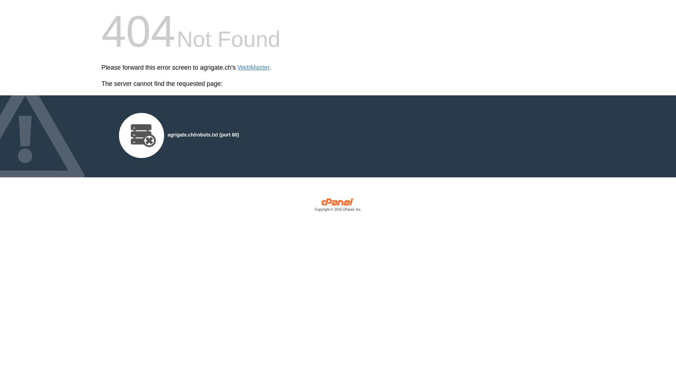 This screenshot has height=380, width=676. What do you see at coordinates (254, 68) in the screenshot?
I see `'WebMaster'` at bounding box center [254, 68].